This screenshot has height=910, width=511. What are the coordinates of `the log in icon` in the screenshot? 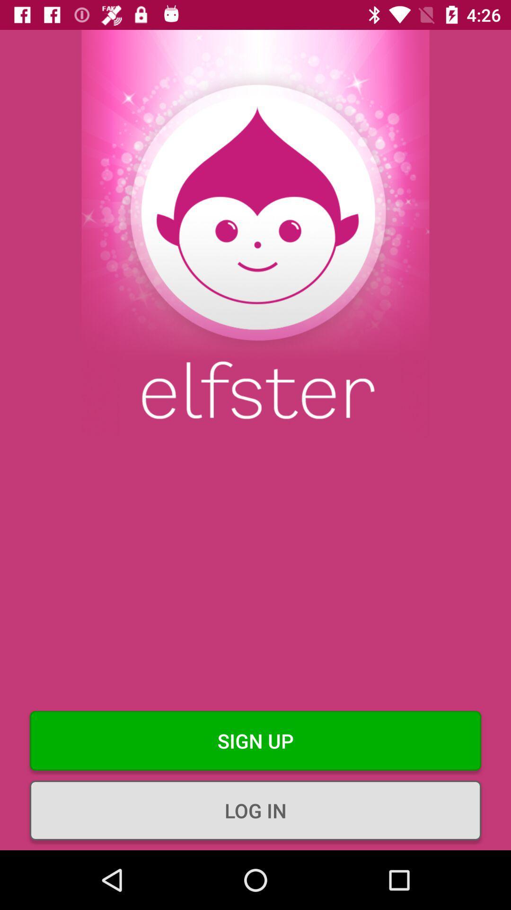 It's located at (255, 810).